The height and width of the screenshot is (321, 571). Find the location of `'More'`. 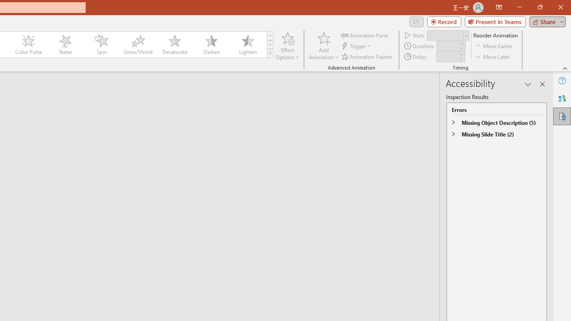

'More' is located at coordinates (461, 54).